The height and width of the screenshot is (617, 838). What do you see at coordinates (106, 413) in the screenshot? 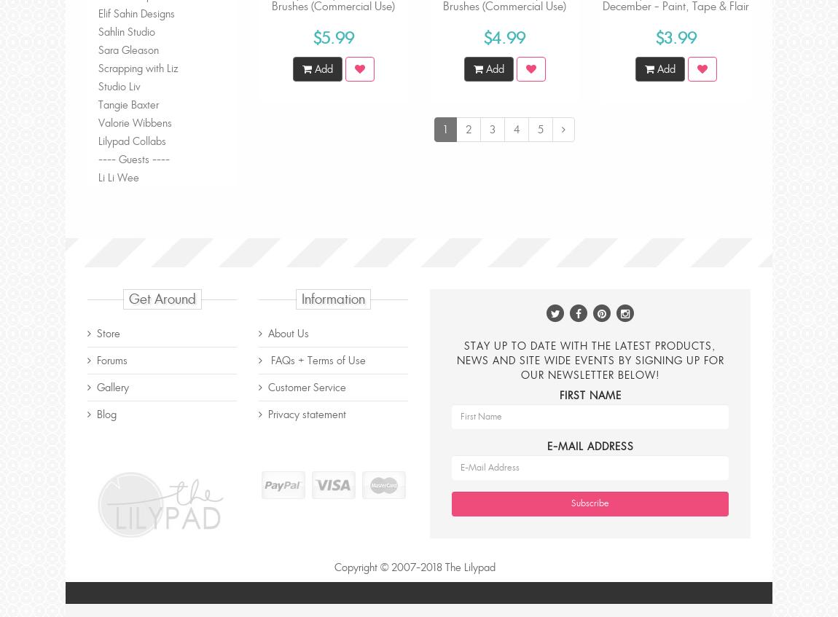
I see `'Blog'` at bounding box center [106, 413].